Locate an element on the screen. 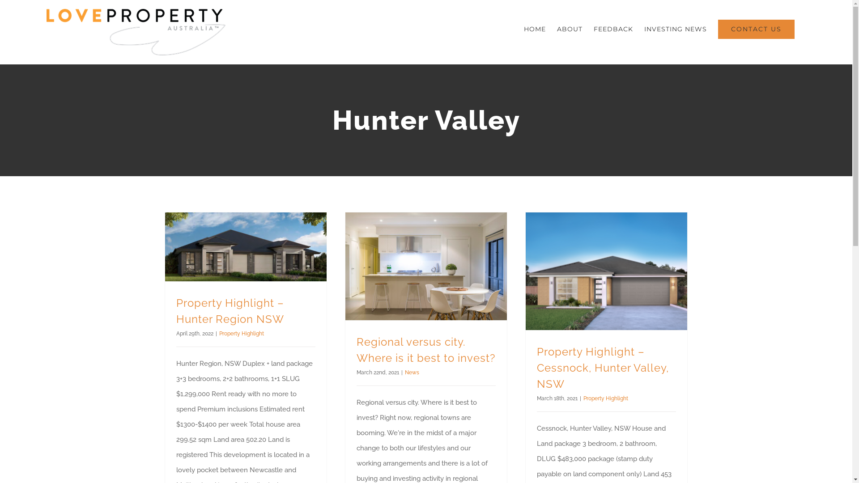 The image size is (859, 483). 'INVESTING NEWS' is located at coordinates (676, 29).